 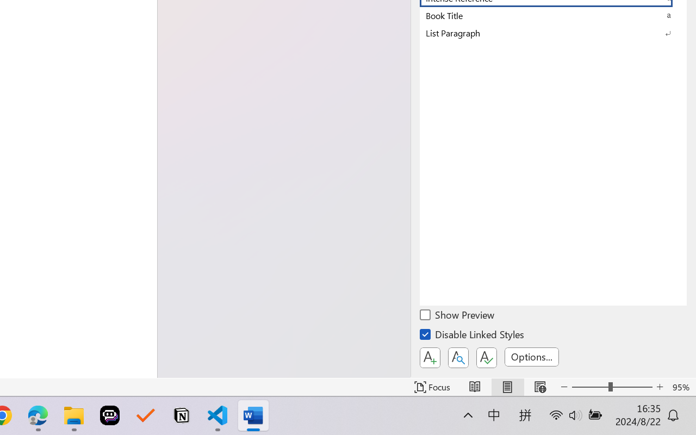 I want to click on 'Show Preview', so click(x=458, y=316).